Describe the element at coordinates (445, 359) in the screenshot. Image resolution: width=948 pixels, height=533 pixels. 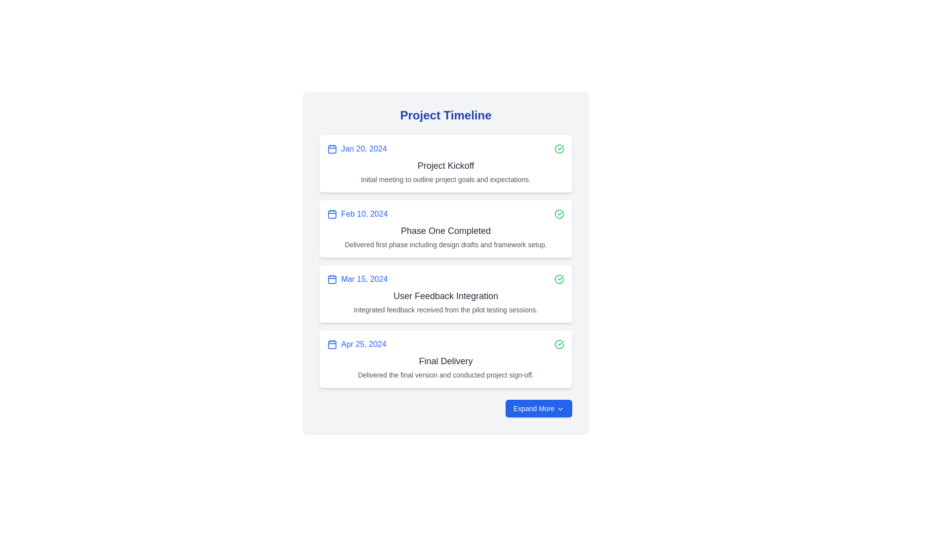
I see `the 'Final Delivery' milestone information card located in the bottom part of the 'Project Timeline' group, specifically the fourth card in the vertical sequence` at that location.